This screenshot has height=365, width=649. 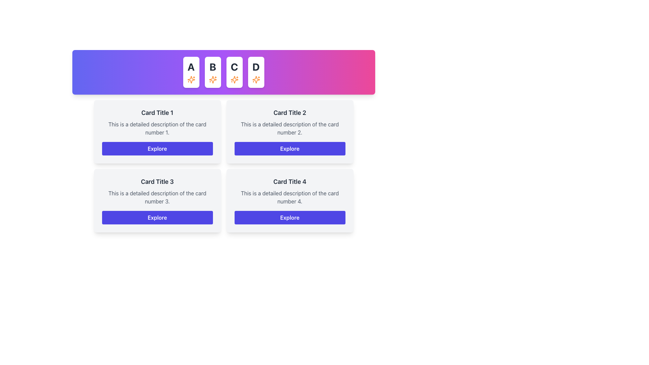 What do you see at coordinates (290, 197) in the screenshot?
I see `the description text element providing supplementary details about 'Card 4', located in the bottom right card of the grid, between 'Card Title 4' and the 'Explore' button` at bounding box center [290, 197].